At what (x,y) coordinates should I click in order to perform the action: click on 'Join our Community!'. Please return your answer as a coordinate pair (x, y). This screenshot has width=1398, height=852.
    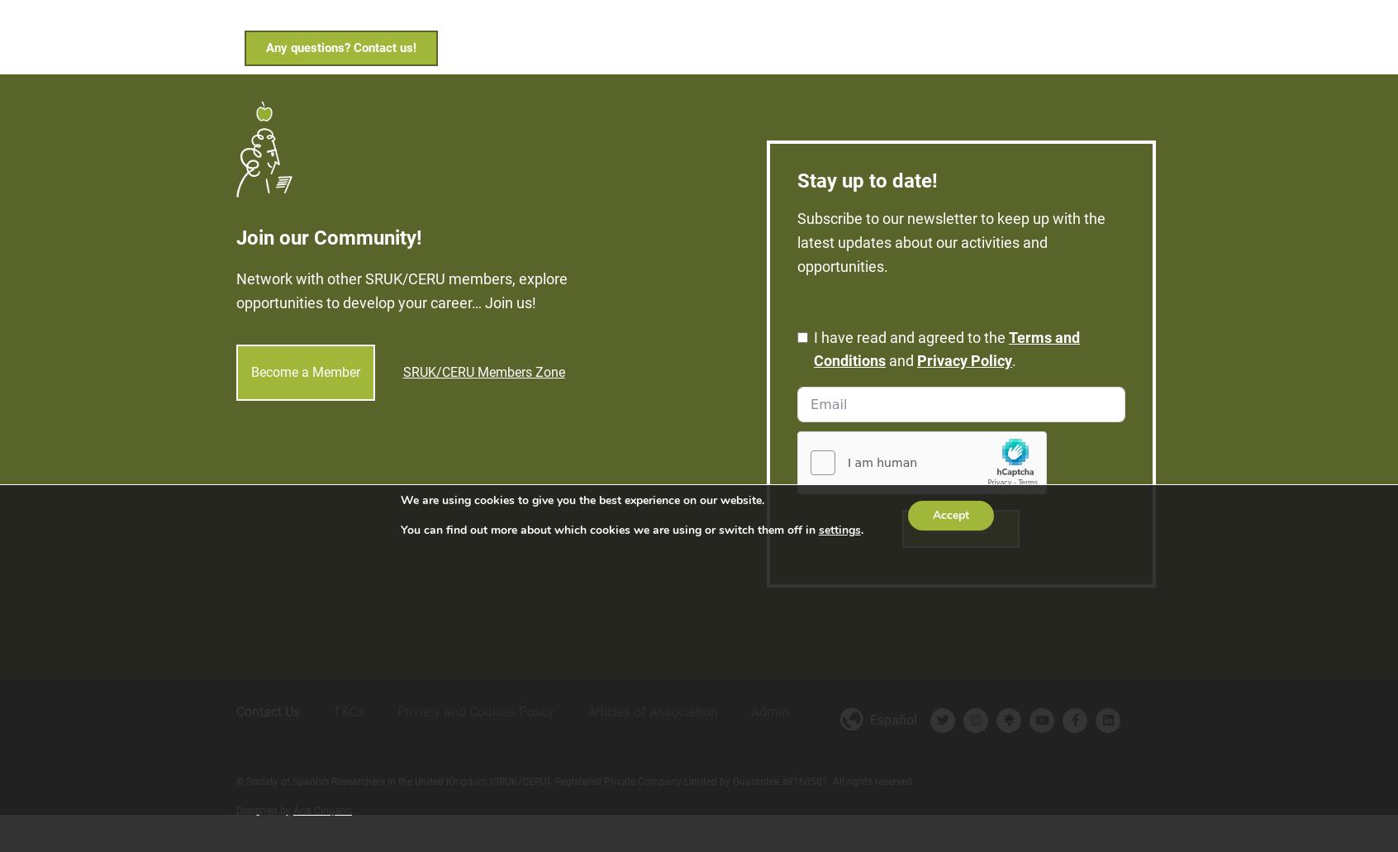
    Looking at the image, I should click on (329, 224).